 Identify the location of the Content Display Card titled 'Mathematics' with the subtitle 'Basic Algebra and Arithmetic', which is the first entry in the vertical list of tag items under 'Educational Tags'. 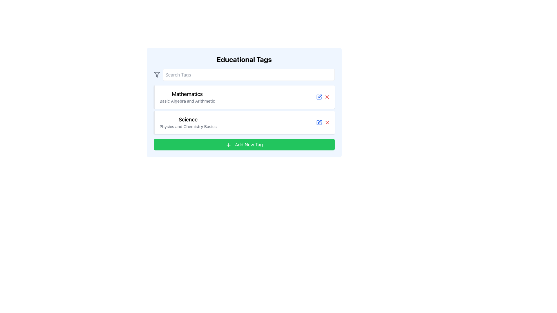
(244, 102).